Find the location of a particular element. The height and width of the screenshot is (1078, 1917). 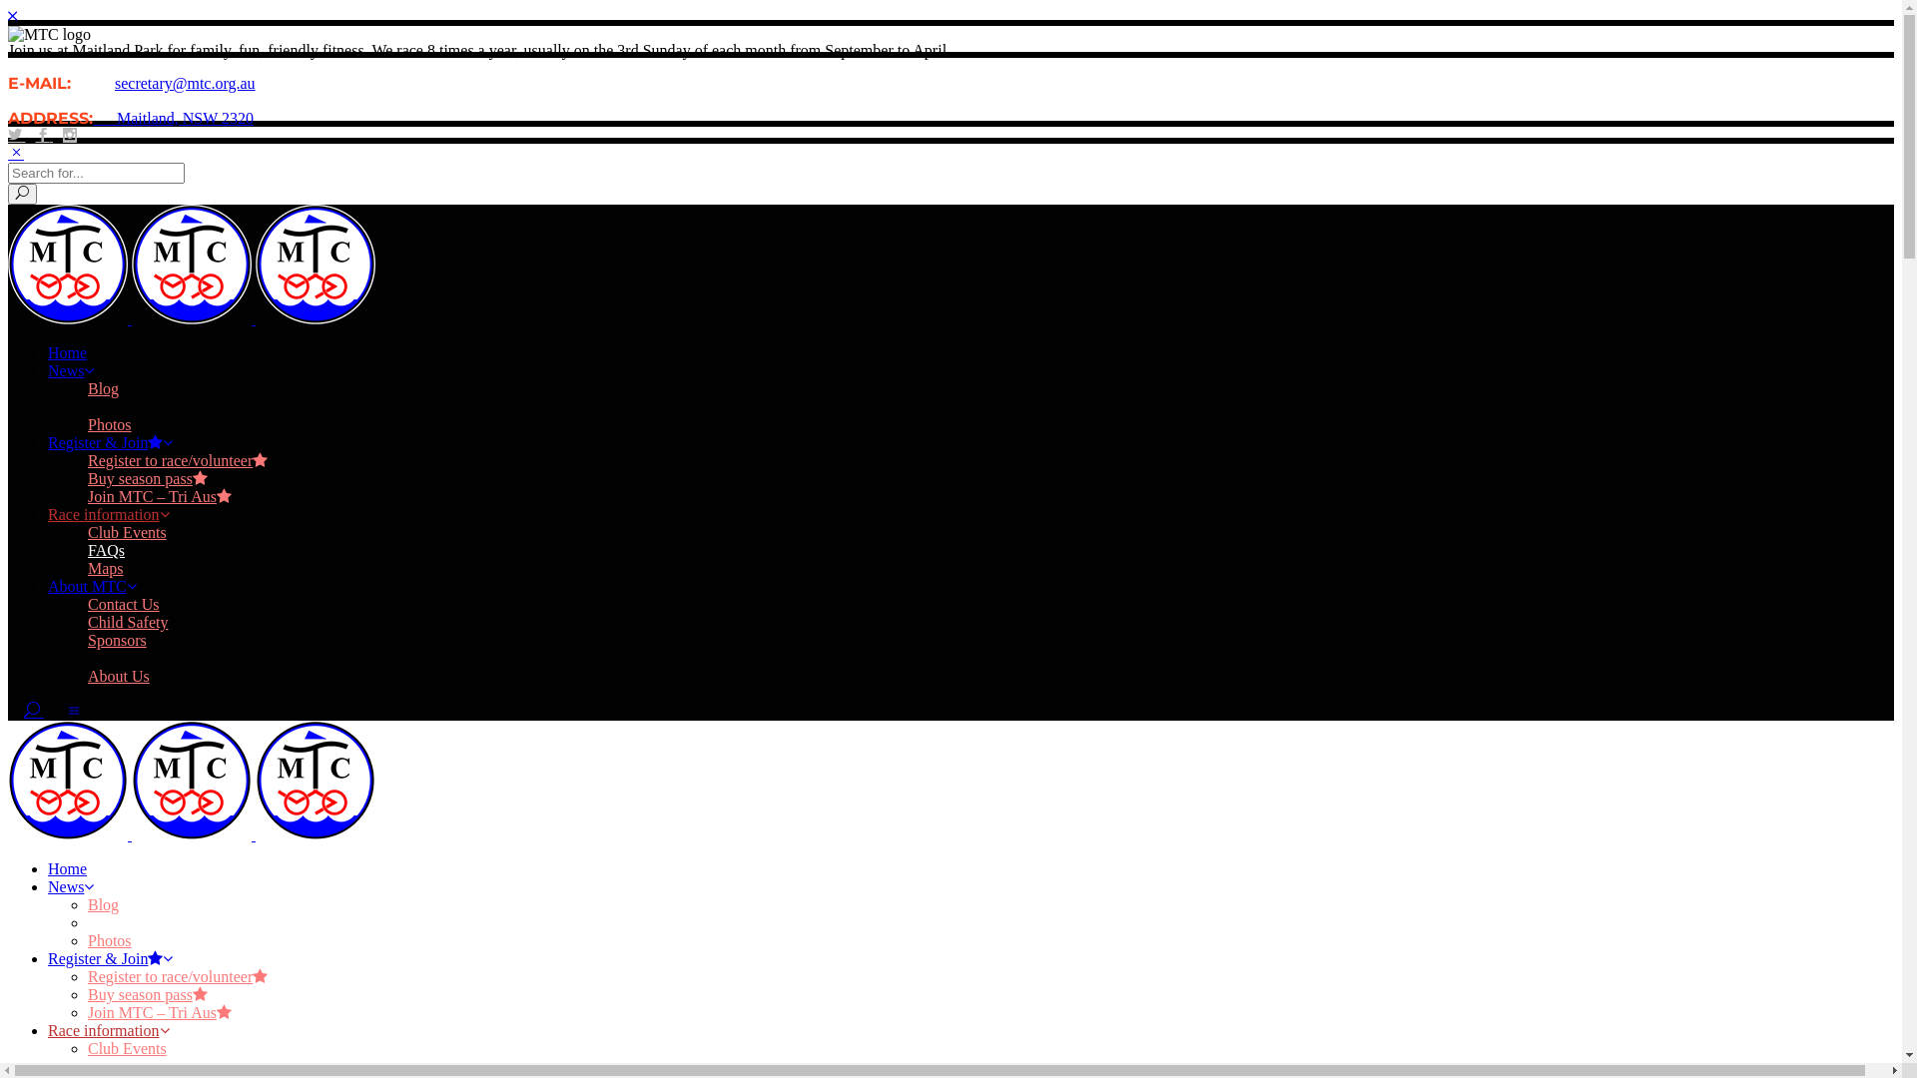

'Register & Join' is located at coordinates (109, 441).